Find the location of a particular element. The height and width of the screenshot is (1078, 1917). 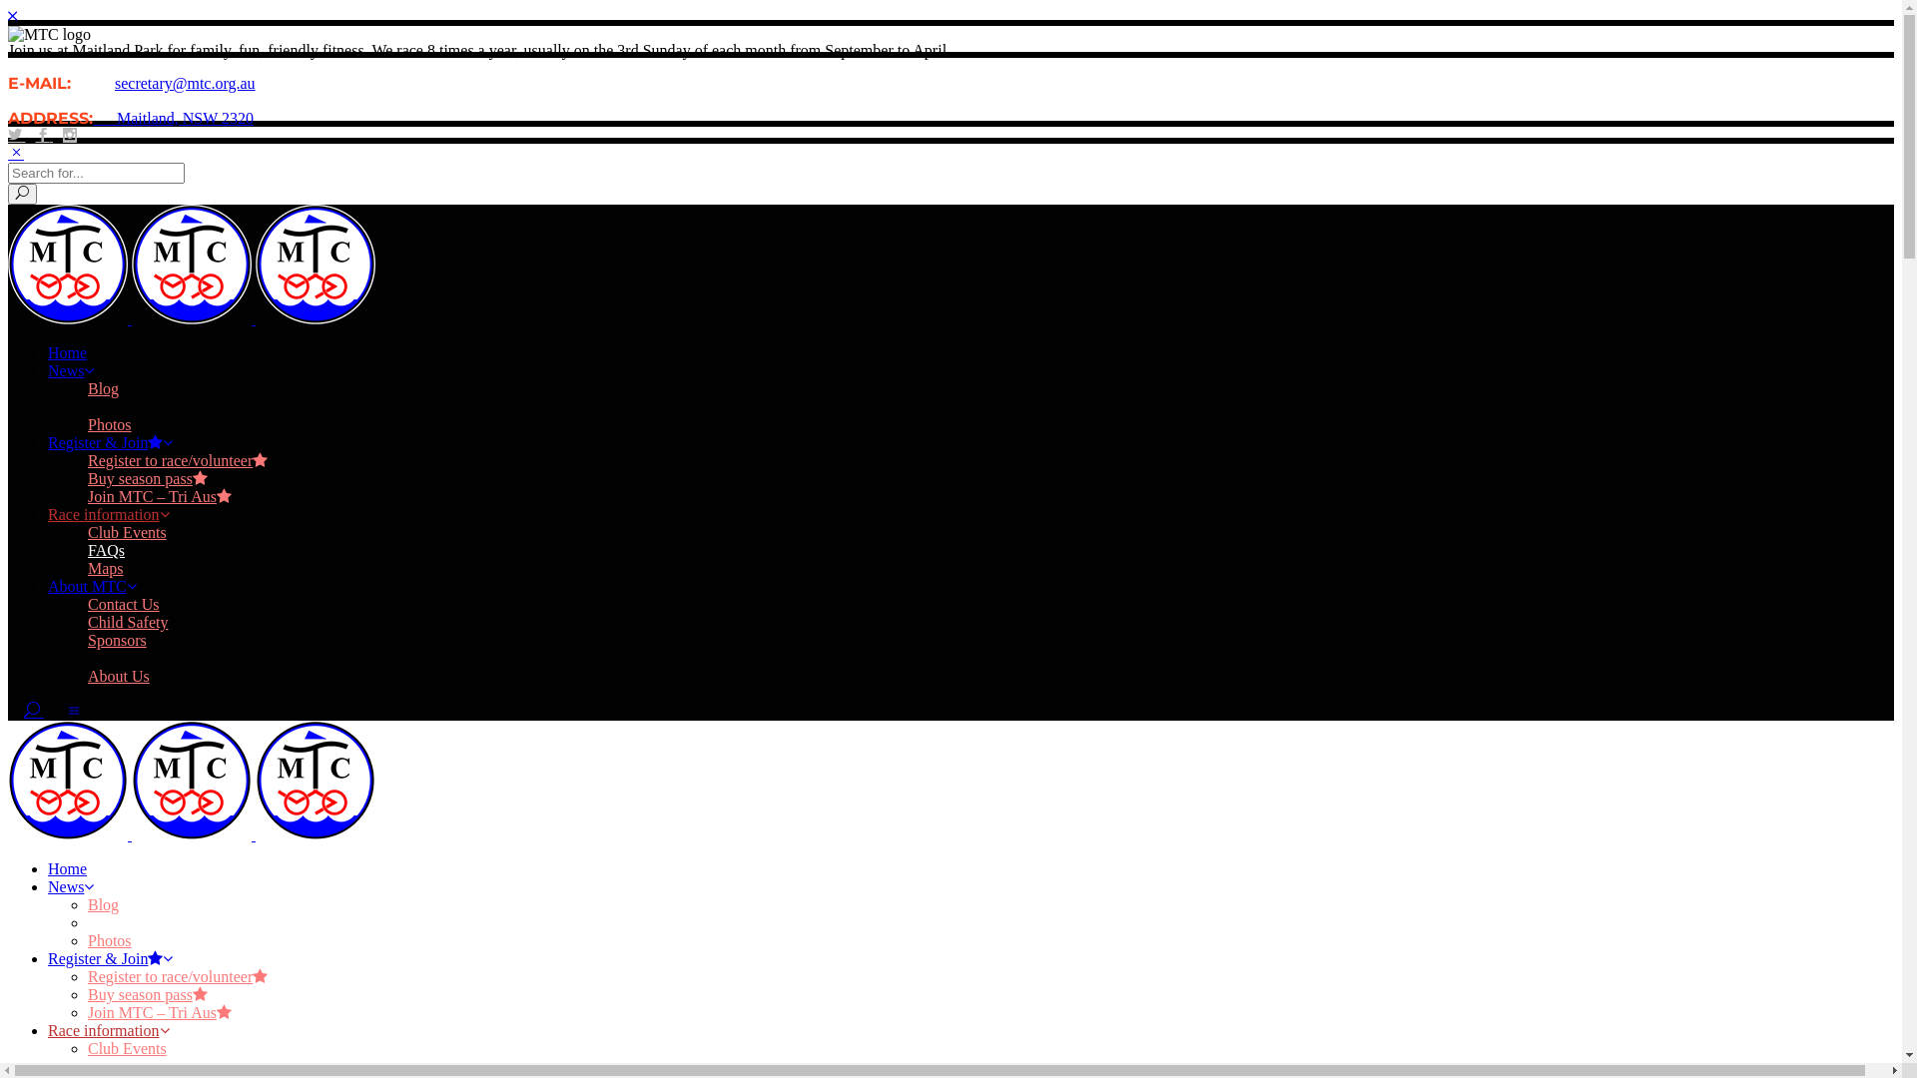

'Register & Join' is located at coordinates (109, 441).